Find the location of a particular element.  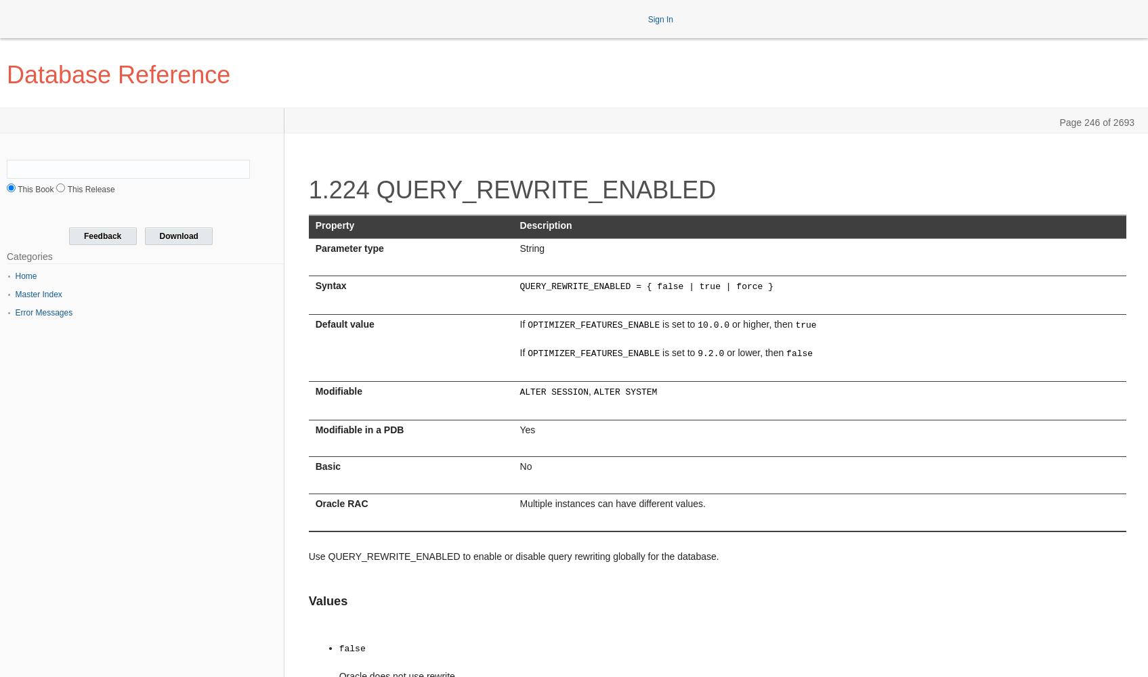

',' is located at coordinates (590, 390).